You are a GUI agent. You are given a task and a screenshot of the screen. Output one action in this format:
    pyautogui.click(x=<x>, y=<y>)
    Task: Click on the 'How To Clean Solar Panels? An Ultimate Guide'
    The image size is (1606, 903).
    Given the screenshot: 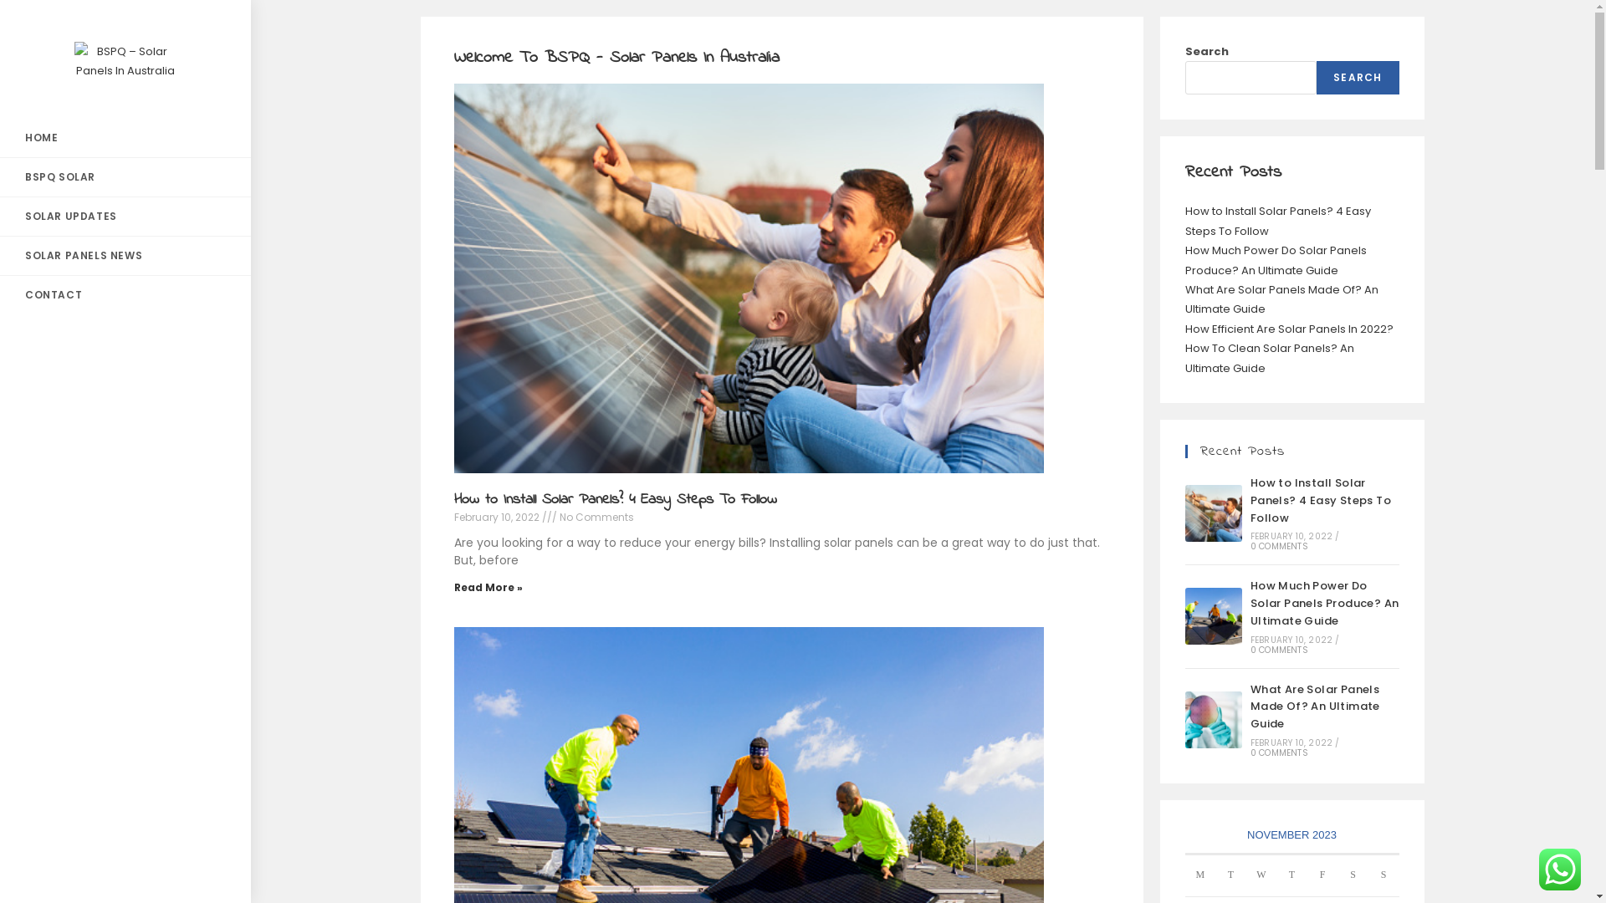 What is the action you would take?
    pyautogui.click(x=1268, y=357)
    